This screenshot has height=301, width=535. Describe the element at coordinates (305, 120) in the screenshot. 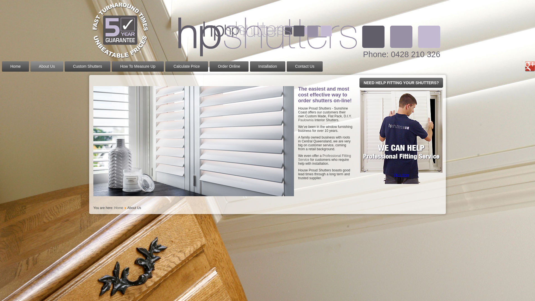

I see `'Paulownia'` at that location.